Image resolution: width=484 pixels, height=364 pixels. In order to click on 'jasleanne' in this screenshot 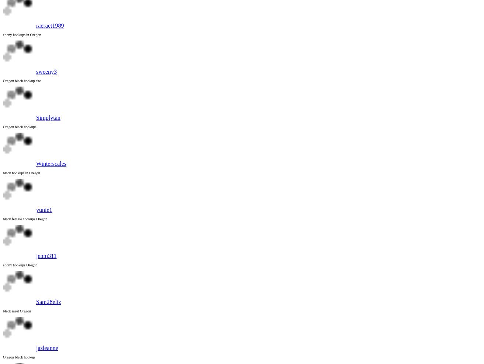, I will do `click(47, 348)`.